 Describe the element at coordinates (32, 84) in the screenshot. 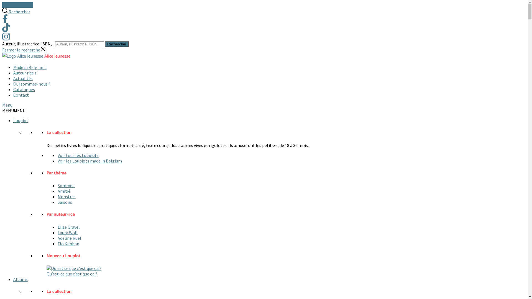

I see `'Qui sommes-nous ?'` at that location.